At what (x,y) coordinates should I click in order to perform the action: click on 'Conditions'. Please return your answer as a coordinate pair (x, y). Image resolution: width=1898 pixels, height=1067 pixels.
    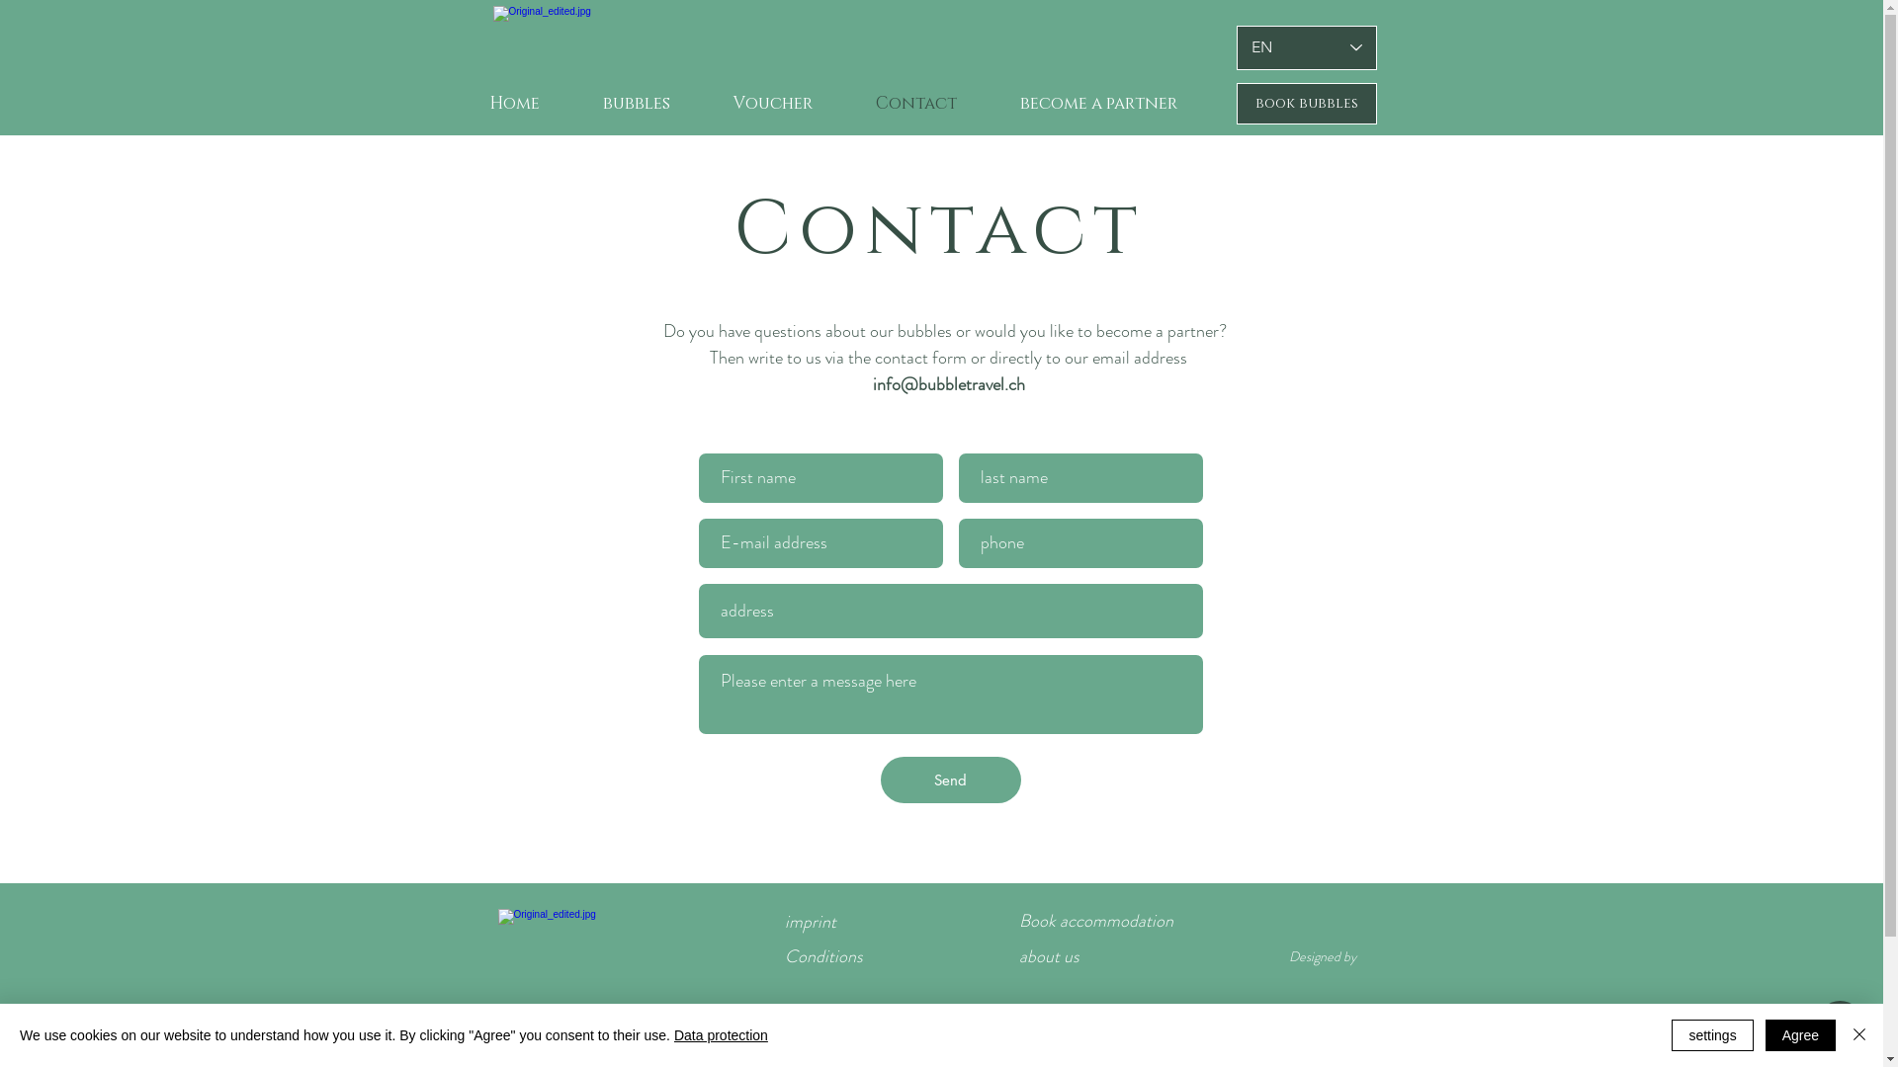
    Looking at the image, I should click on (823, 955).